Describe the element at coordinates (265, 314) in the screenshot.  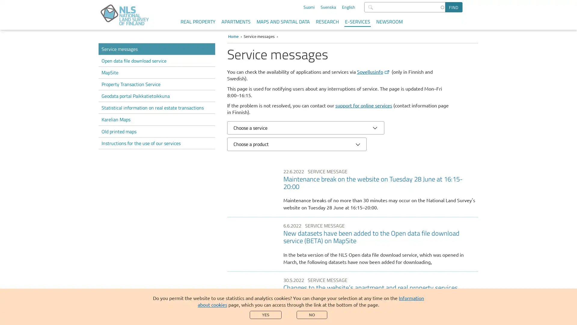
I see `YES` at that location.